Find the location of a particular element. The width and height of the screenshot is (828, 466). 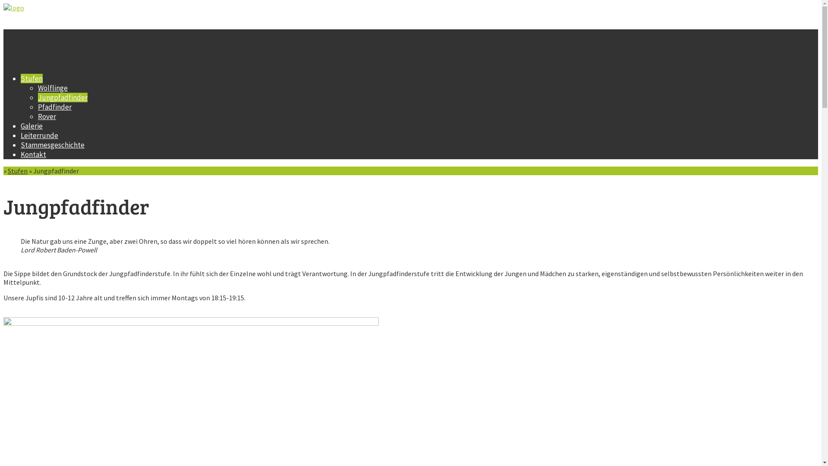

'Stammesgeschichte' is located at coordinates (52, 144).